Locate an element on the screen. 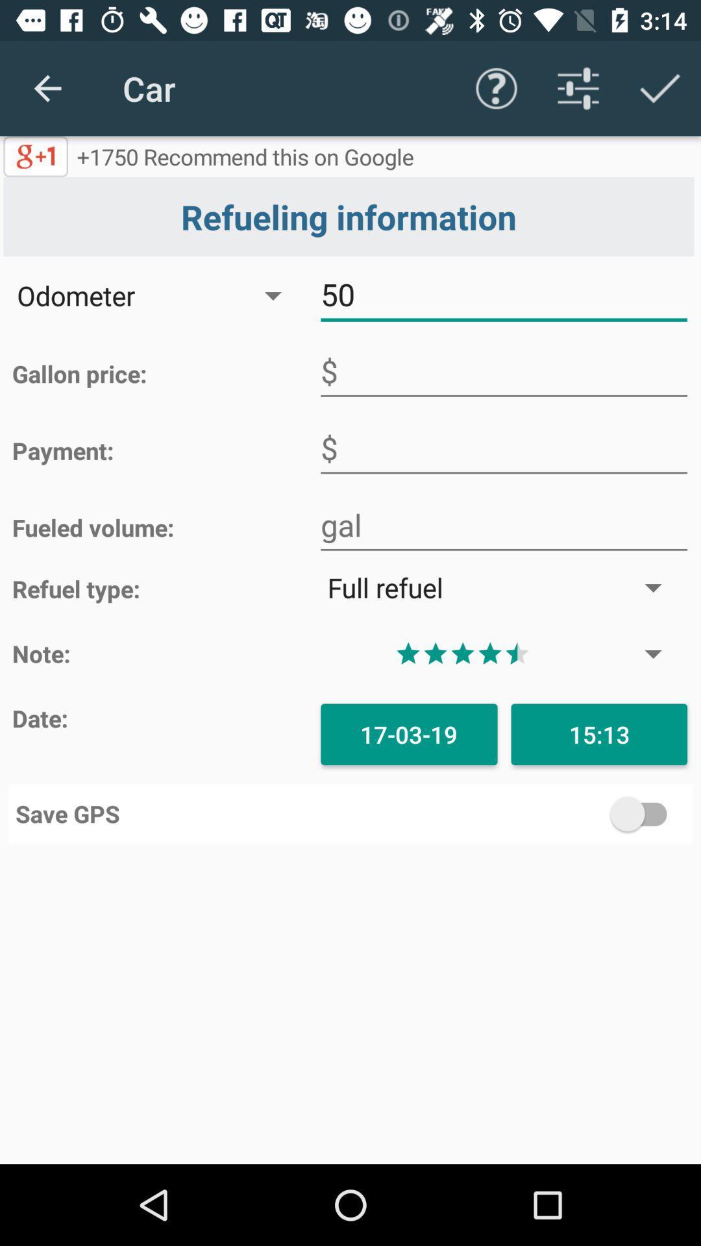 The image size is (701, 1246). fueled volume is located at coordinates (503, 526).